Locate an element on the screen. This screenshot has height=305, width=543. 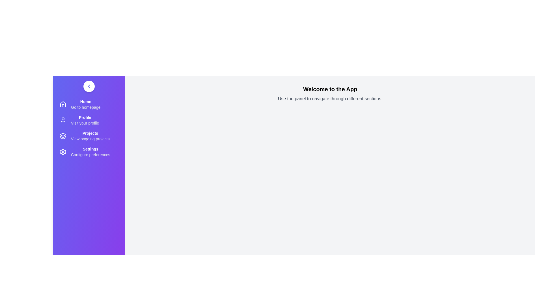
the 'Projects' menu item to view ongoing projects is located at coordinates (89, 136).